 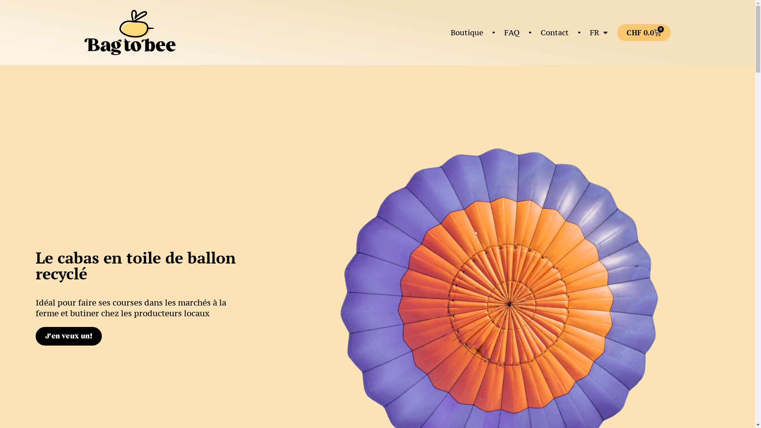 I want to click on 'FAQ', so click(x=512, y=32).